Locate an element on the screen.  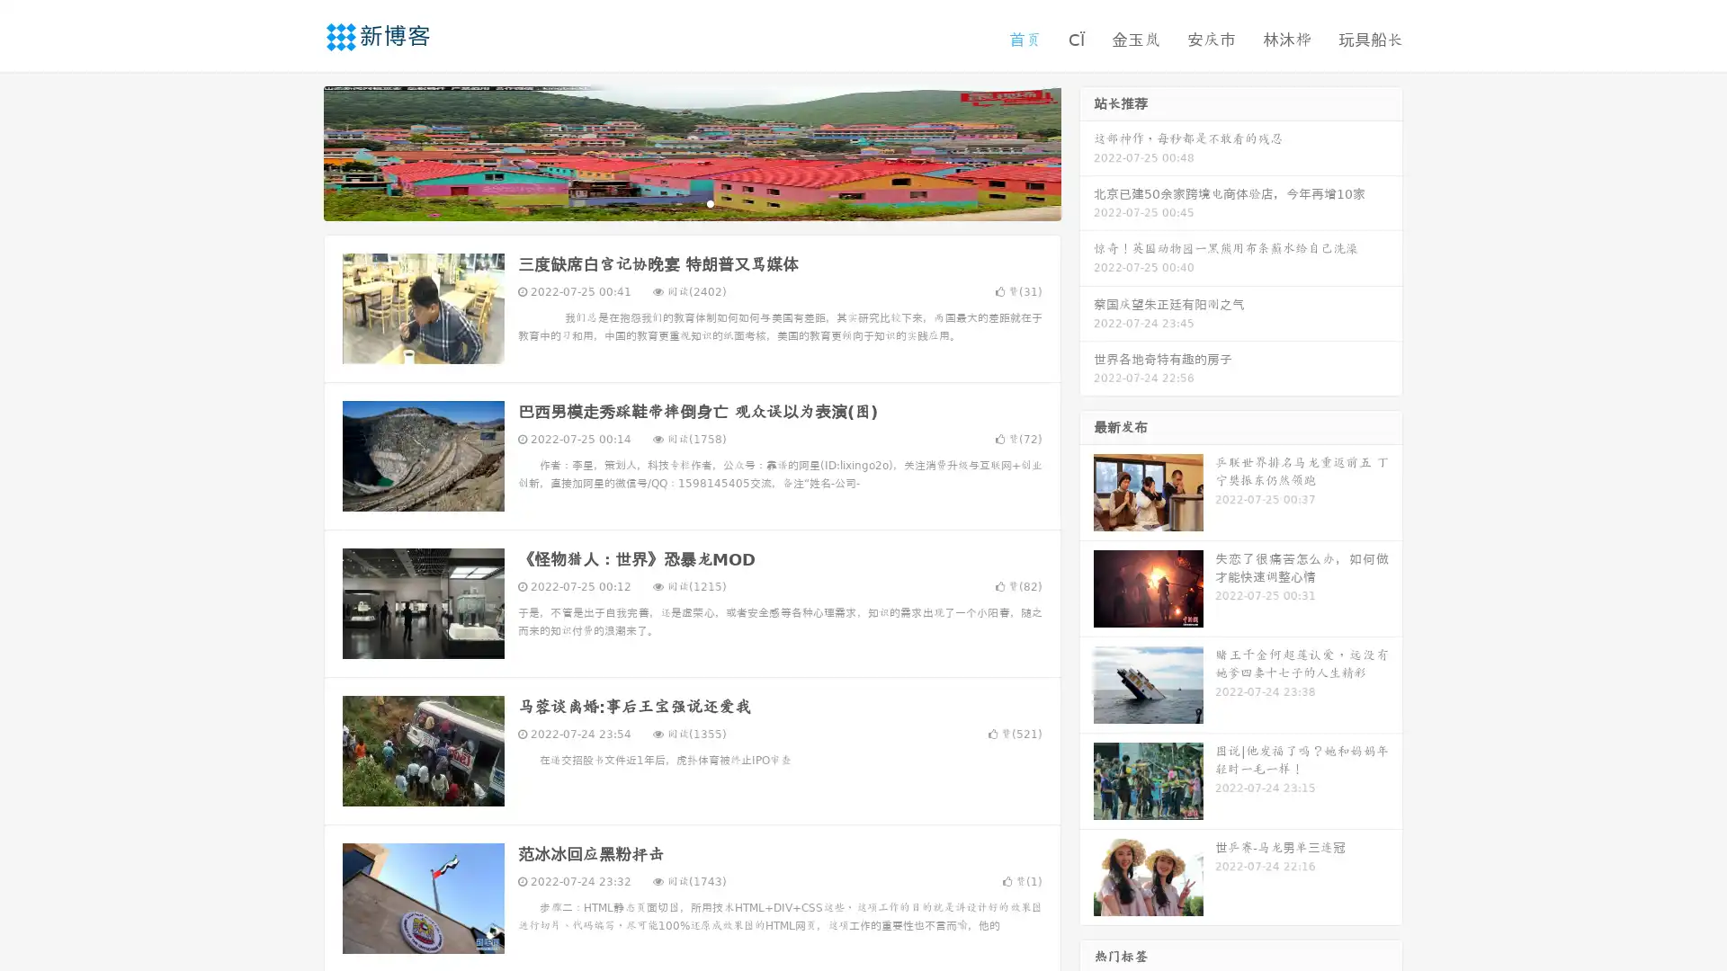
Next slide is located at coordinates (1087, 151).